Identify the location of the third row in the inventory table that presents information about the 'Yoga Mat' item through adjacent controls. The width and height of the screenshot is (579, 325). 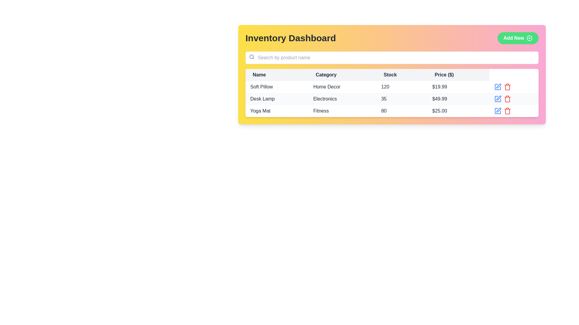
(392, 111).